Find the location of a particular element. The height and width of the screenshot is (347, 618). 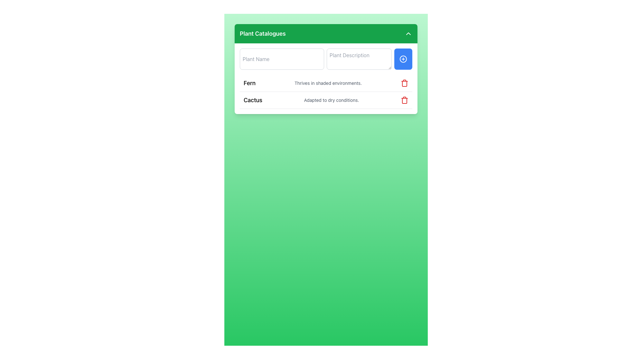

the second item in the plant catalog list, which represents 'Cactus' with a description of 'Adapted to dry conditions.' is located at coordinates (326, 100).